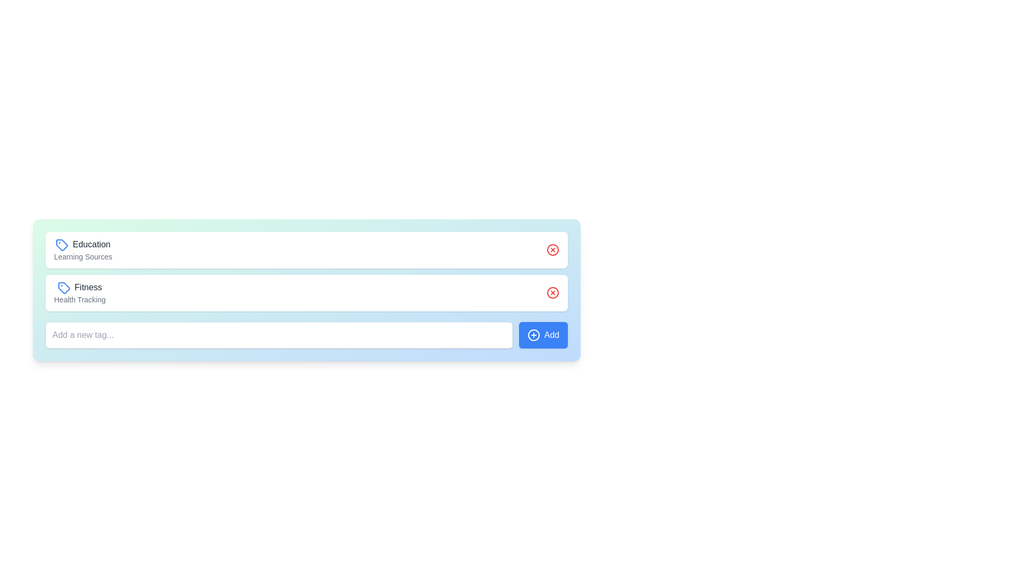 This screenshot has height=572, width=1018. What do you see at coordinates (91, 244) in the screenshot?
I see `the static text label that identifies the associated category or topic, located to the immediate right of the blue tag icon within the first tag entry` at bounding box center [91, 244].